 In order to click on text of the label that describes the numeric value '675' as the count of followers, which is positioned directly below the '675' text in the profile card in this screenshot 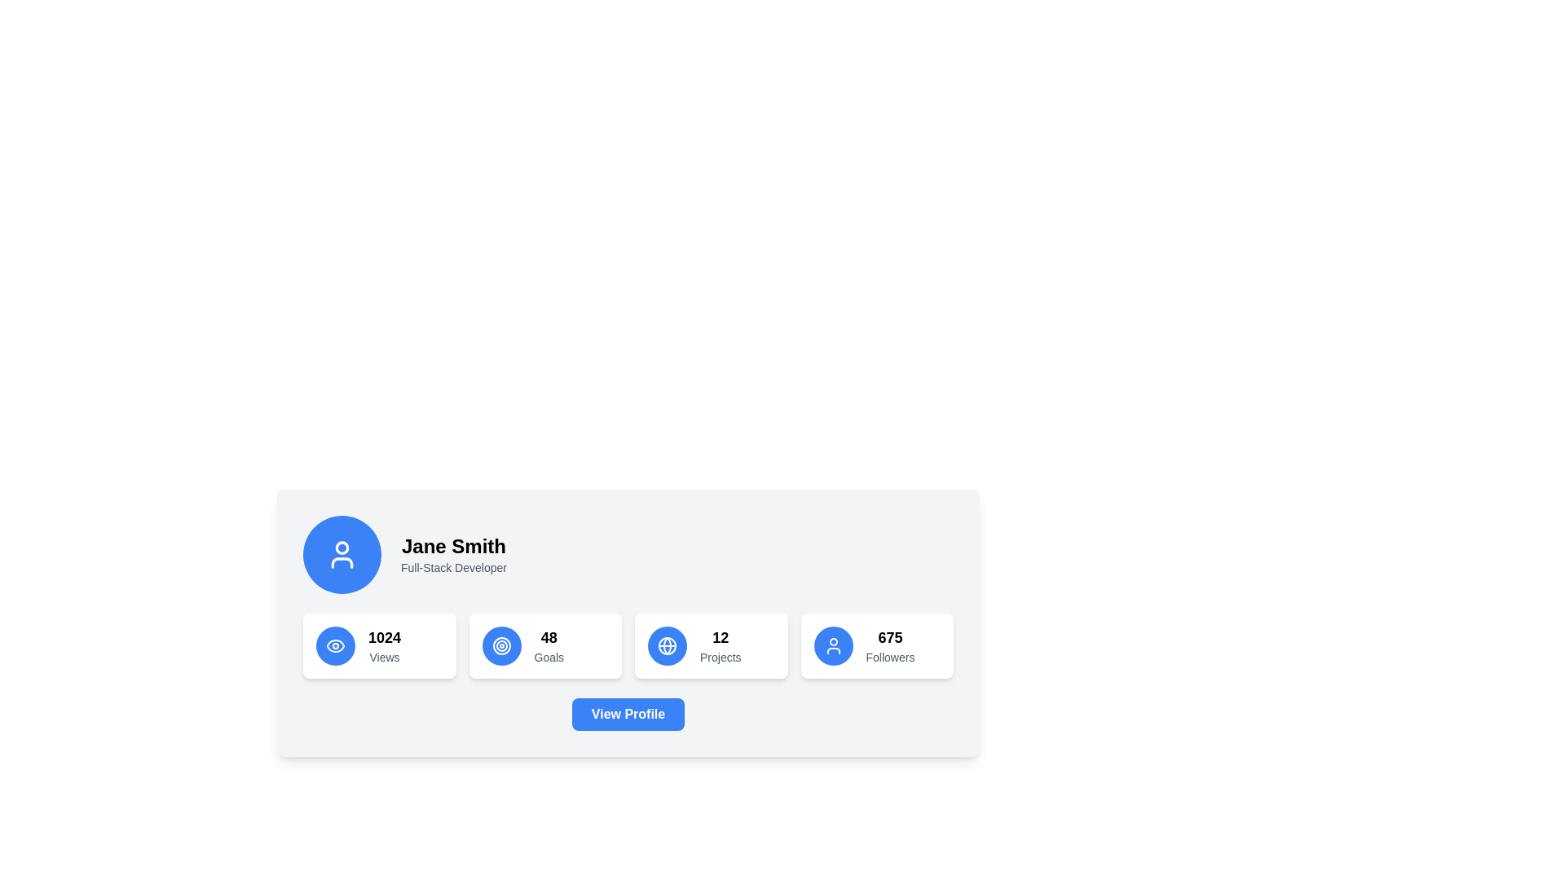, I will do `click(889, 656)`.